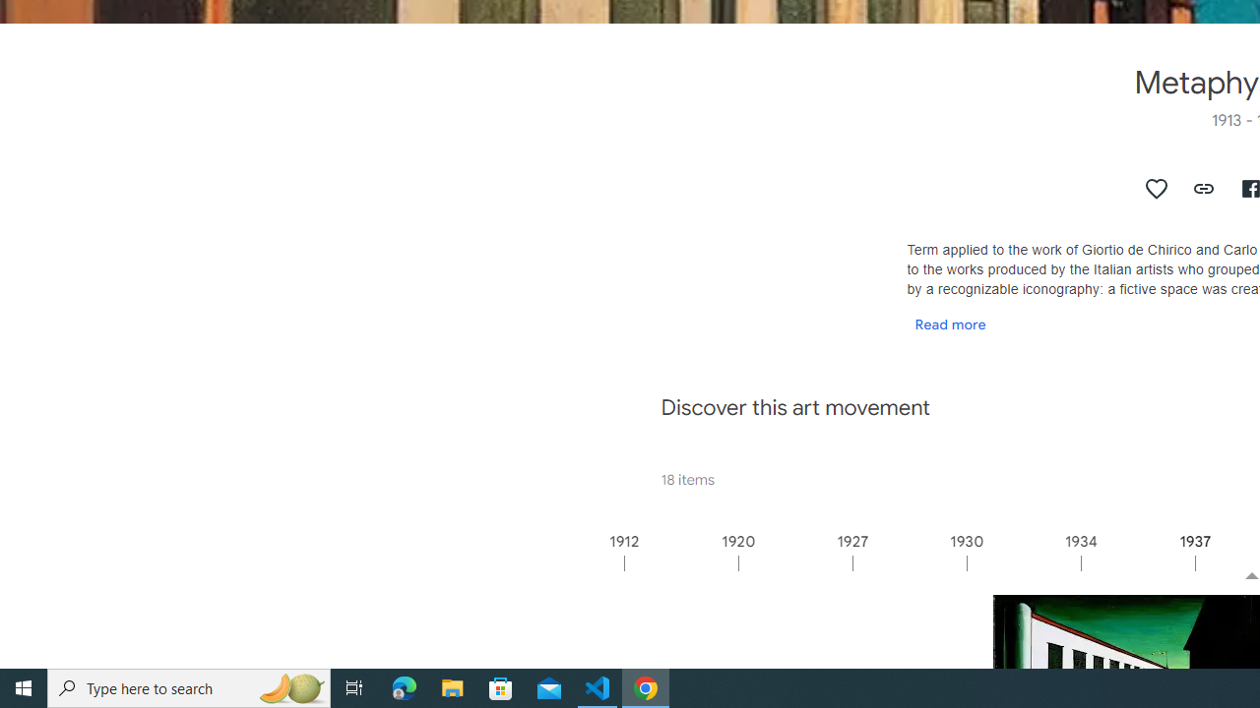 This screenshot has width=1260, height=708. Describe the element at coordinates (1137, 562) in the screenshot. I see `'1934'` at that location.